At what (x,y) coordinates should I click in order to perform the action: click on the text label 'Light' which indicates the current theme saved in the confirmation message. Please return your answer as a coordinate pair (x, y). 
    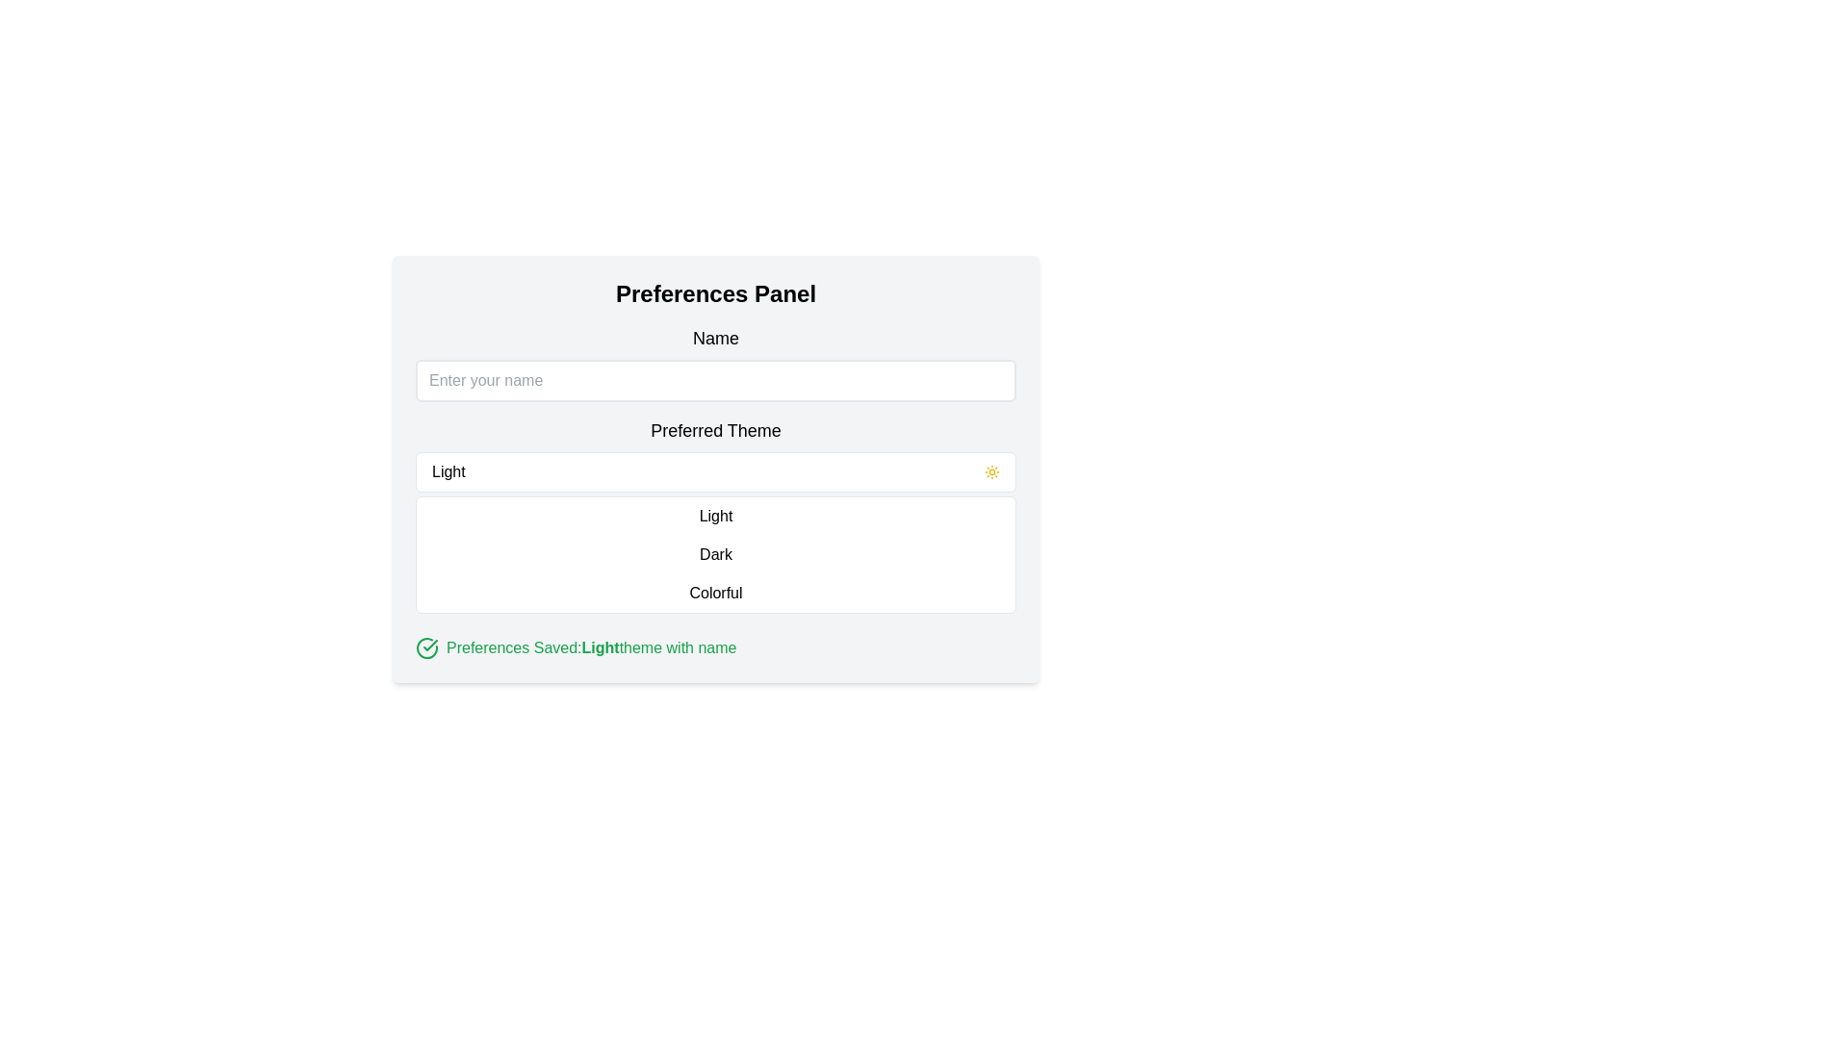
    Looking at the image, I should click on (600, 648).